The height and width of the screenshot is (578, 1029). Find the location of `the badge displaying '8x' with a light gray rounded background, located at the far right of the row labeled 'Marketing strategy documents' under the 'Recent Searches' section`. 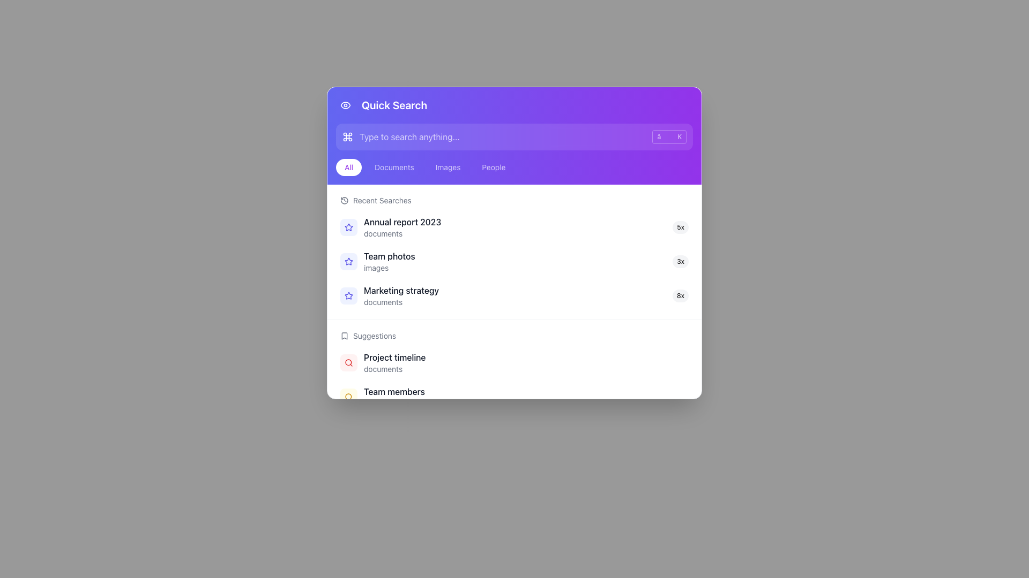

the badge displaying '8x' with a light gray rounded background, located at the far right of the row labeled 'Marketing strategy documents' under the 'Recent Searches' section is located at coordinates (680, 295).